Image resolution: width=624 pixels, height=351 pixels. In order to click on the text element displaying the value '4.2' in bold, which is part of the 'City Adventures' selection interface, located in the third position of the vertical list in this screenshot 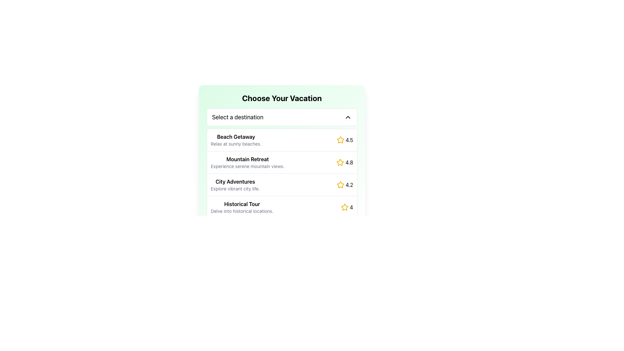, I will do `click(349, 185)`.